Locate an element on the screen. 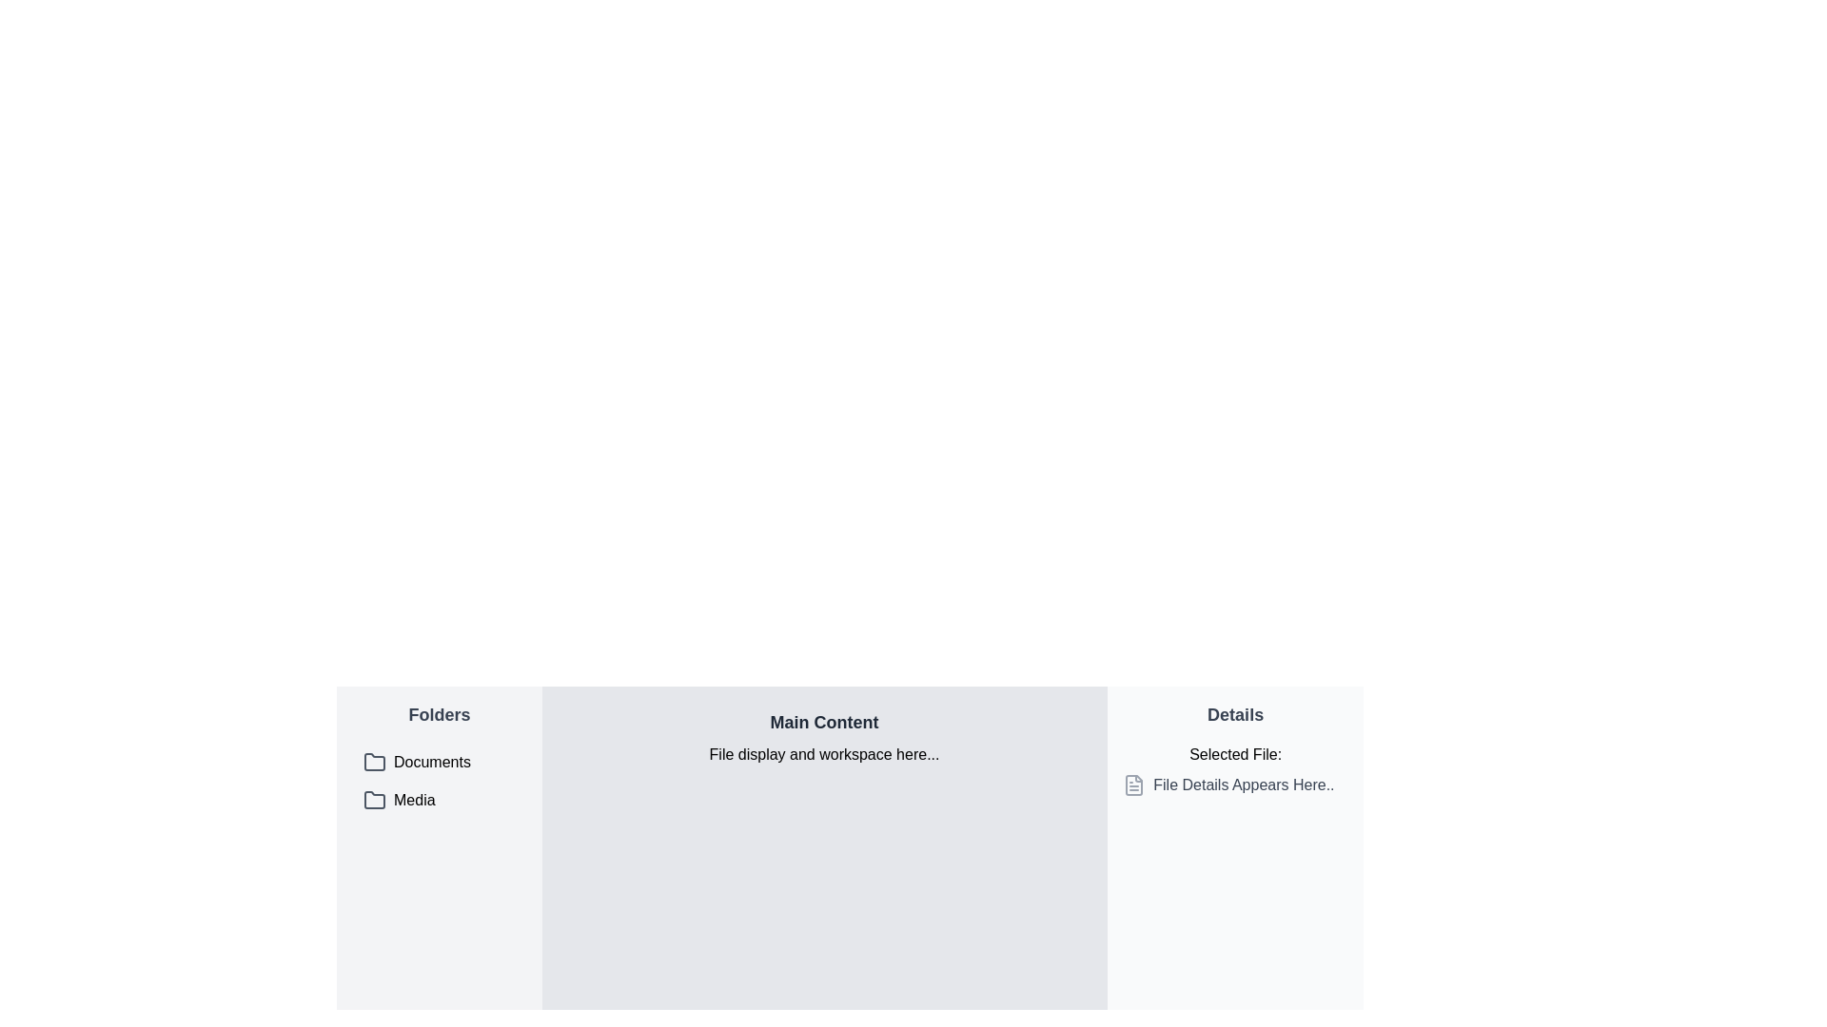  the file document icon located in the 'Details' section, adjacent to 'Selected File:' and above 'File Details Appears Here..' is located at coordinates (1134, 785).